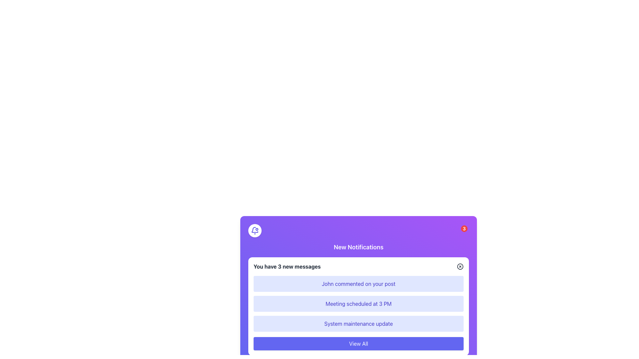 The image size is (639, 359). Describe the element at coordinates (358, 343) in the screenshot. I see `the notification button located at the bottom of the notification panel` at that location.